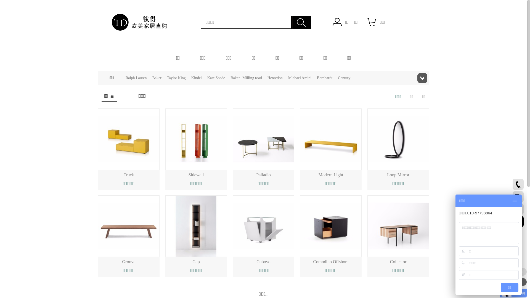  I want to click on 'Baker | Milling road', so click(230, 78).